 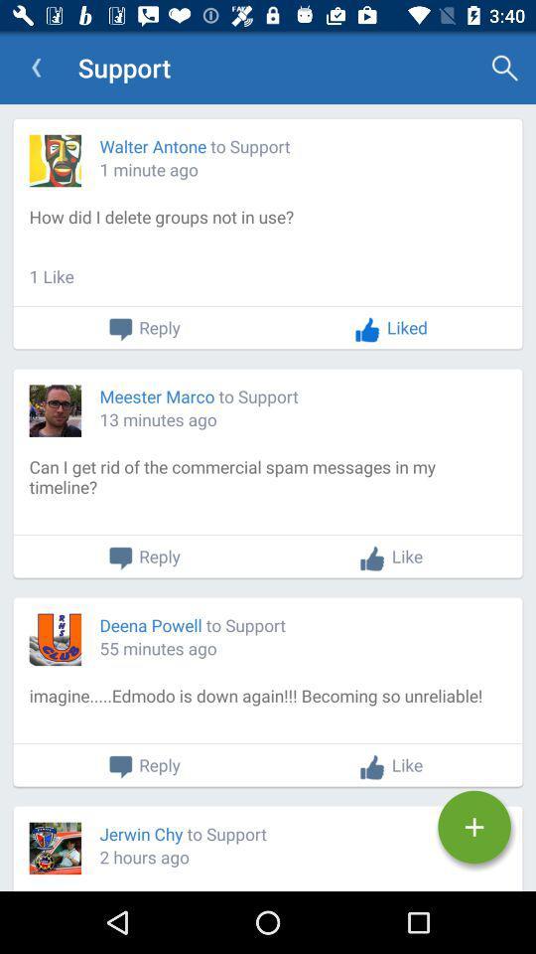 I want to click on the reply button which is above jerwin chy, so click(x=143, y=765).